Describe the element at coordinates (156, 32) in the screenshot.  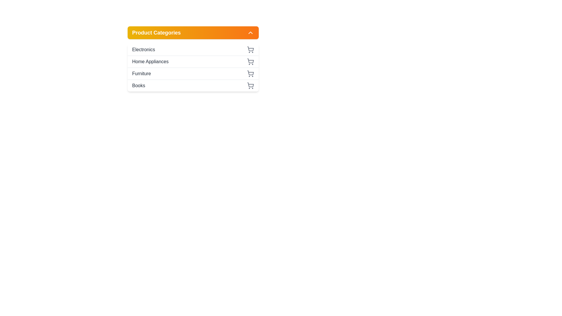
I see `the 'Product Categories' text label which is displayed in bold white font on a gradient background from yellow to orange` at that location.